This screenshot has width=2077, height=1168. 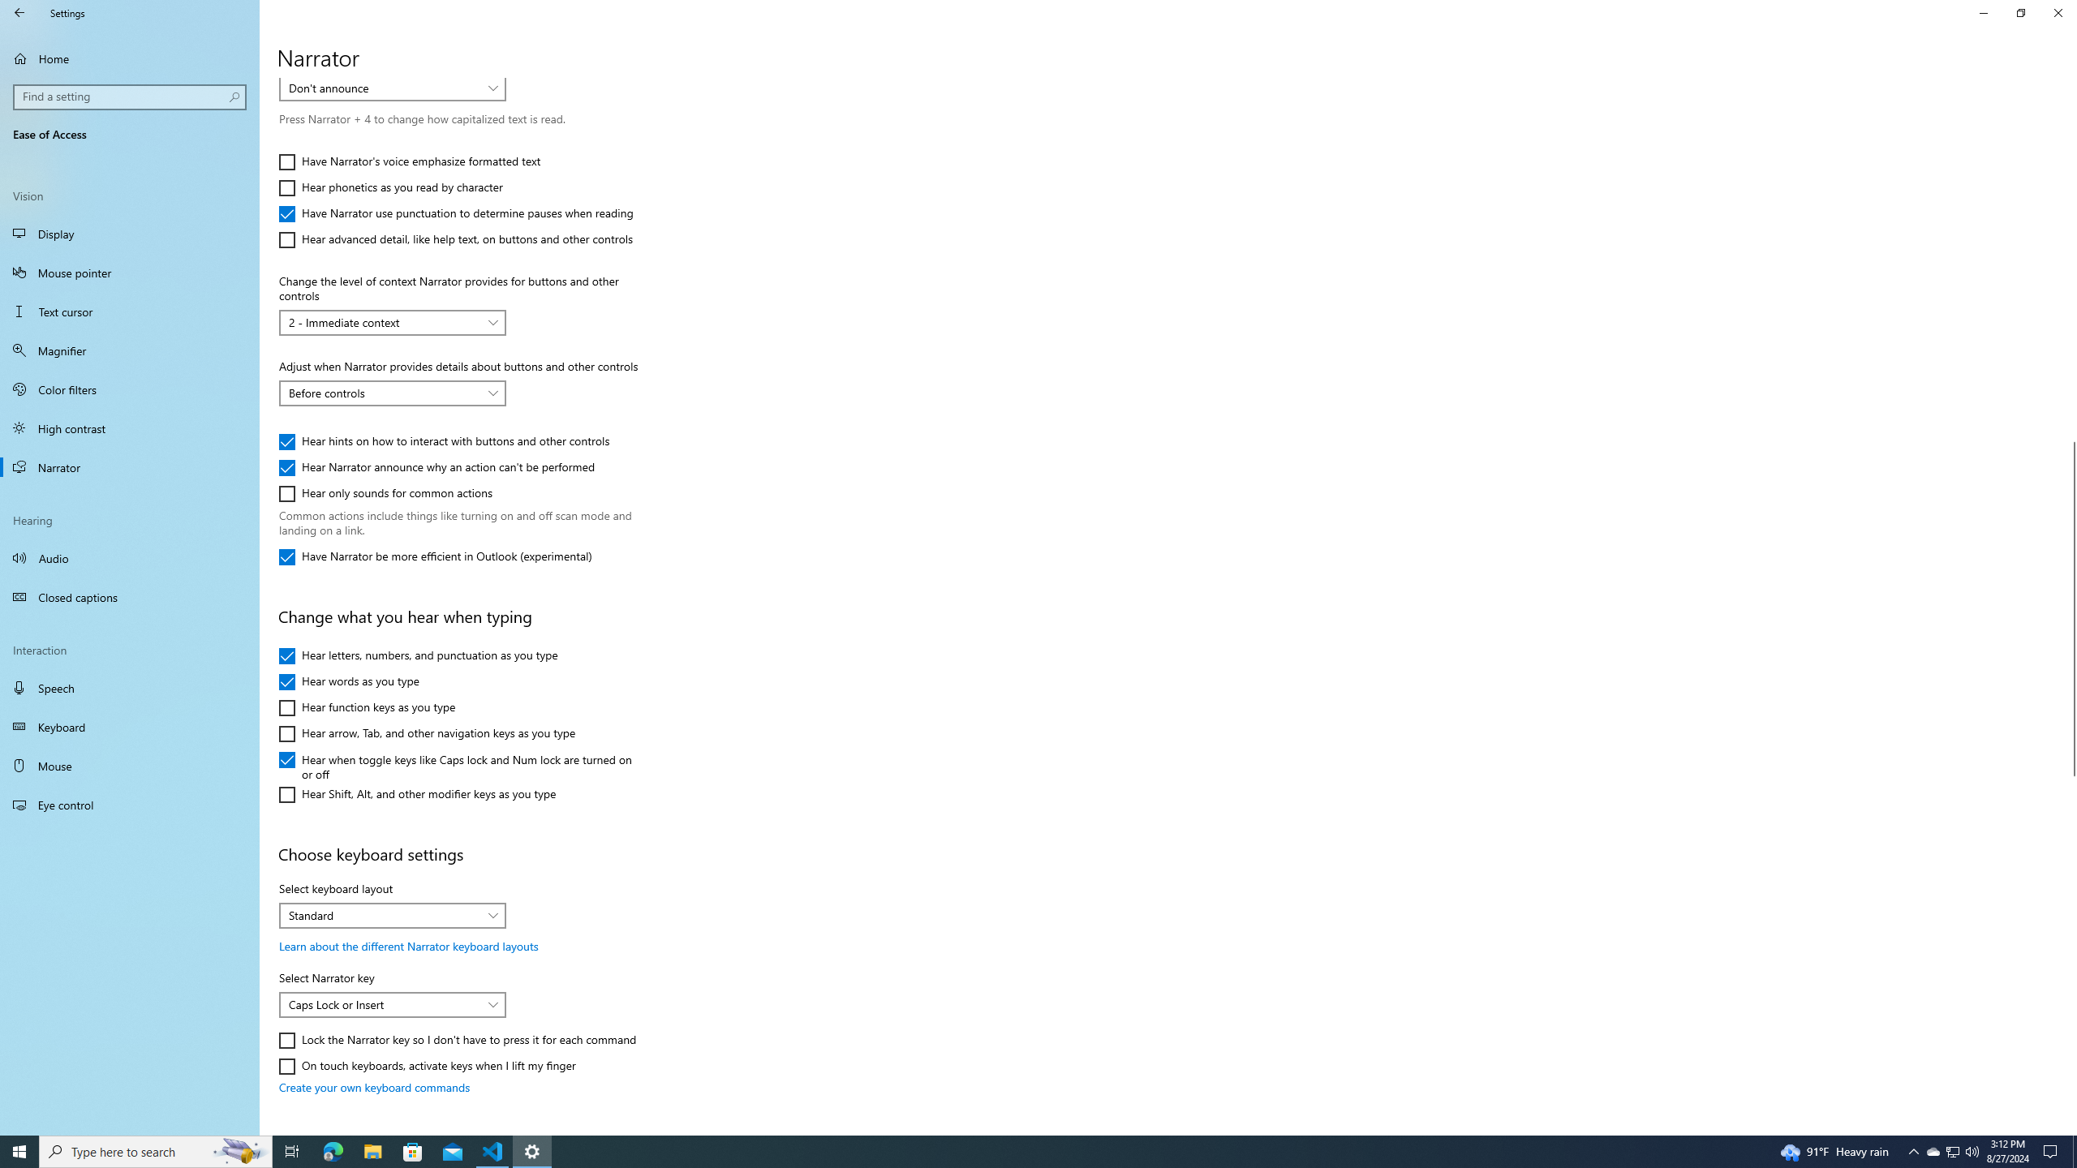 What do you see at coordinates (426, 733) in the screenshot?
I see `'Hear arrow, Tab, and other navigation keys as you type'` at bounding box center [426, 733].